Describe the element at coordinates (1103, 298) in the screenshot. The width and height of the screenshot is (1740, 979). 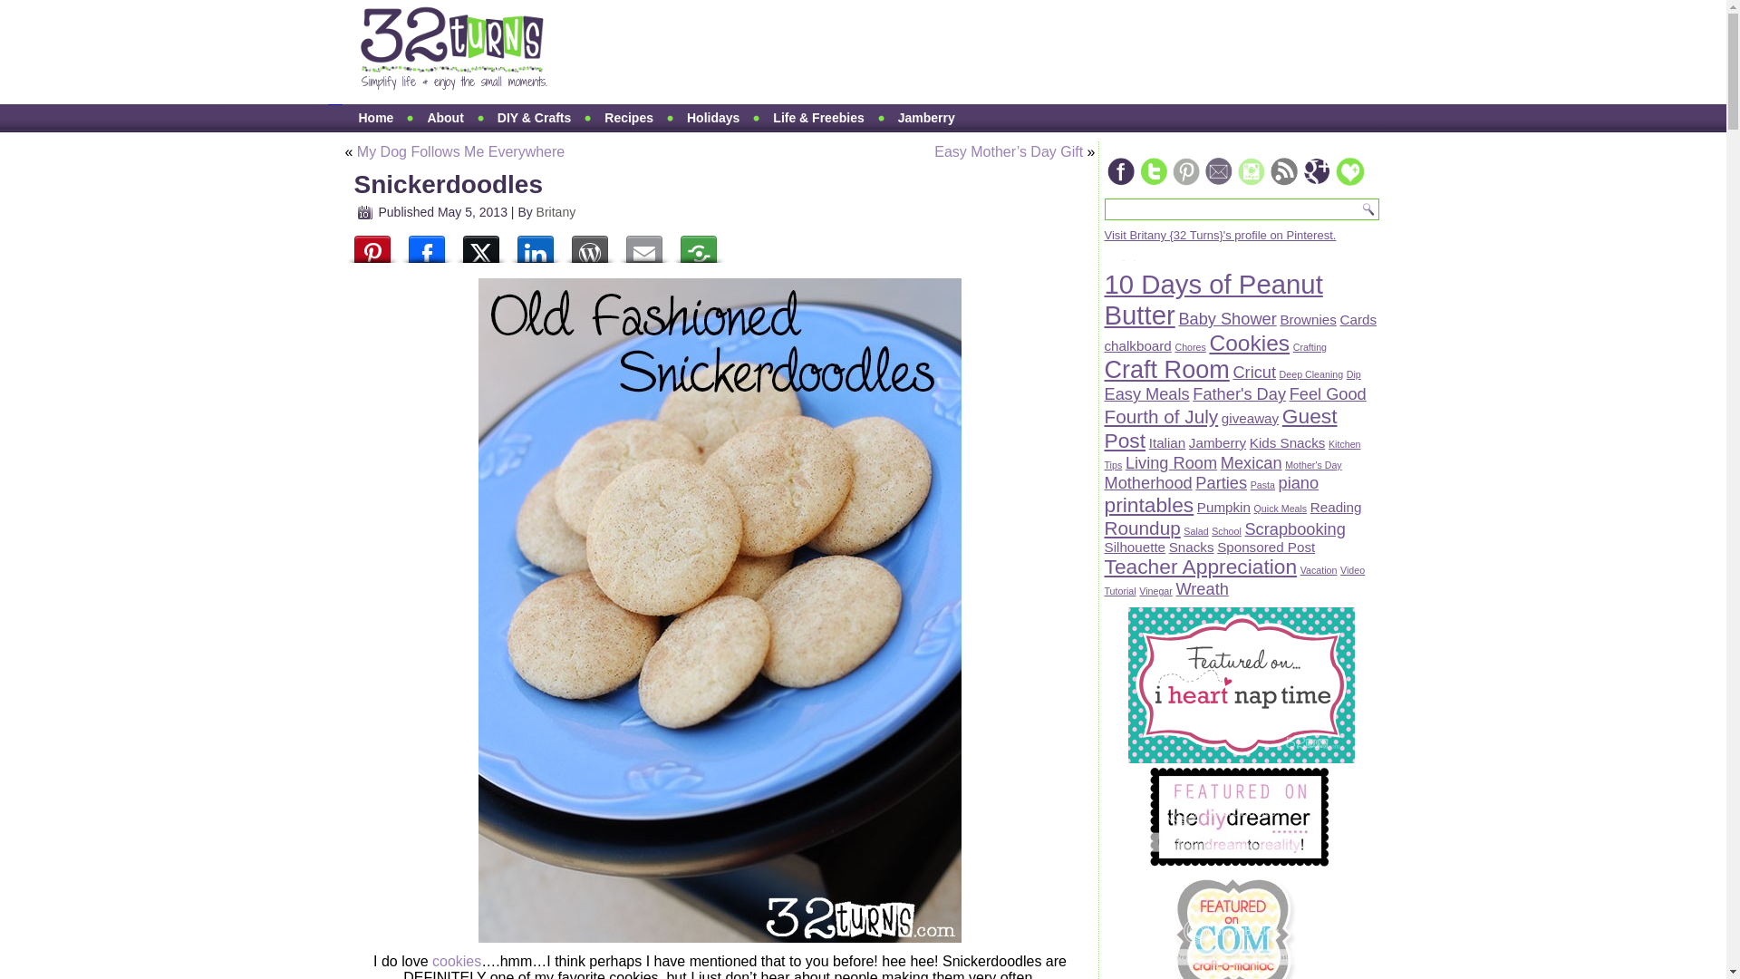
I see `'10 Days of Peanut Butter'` at that location.